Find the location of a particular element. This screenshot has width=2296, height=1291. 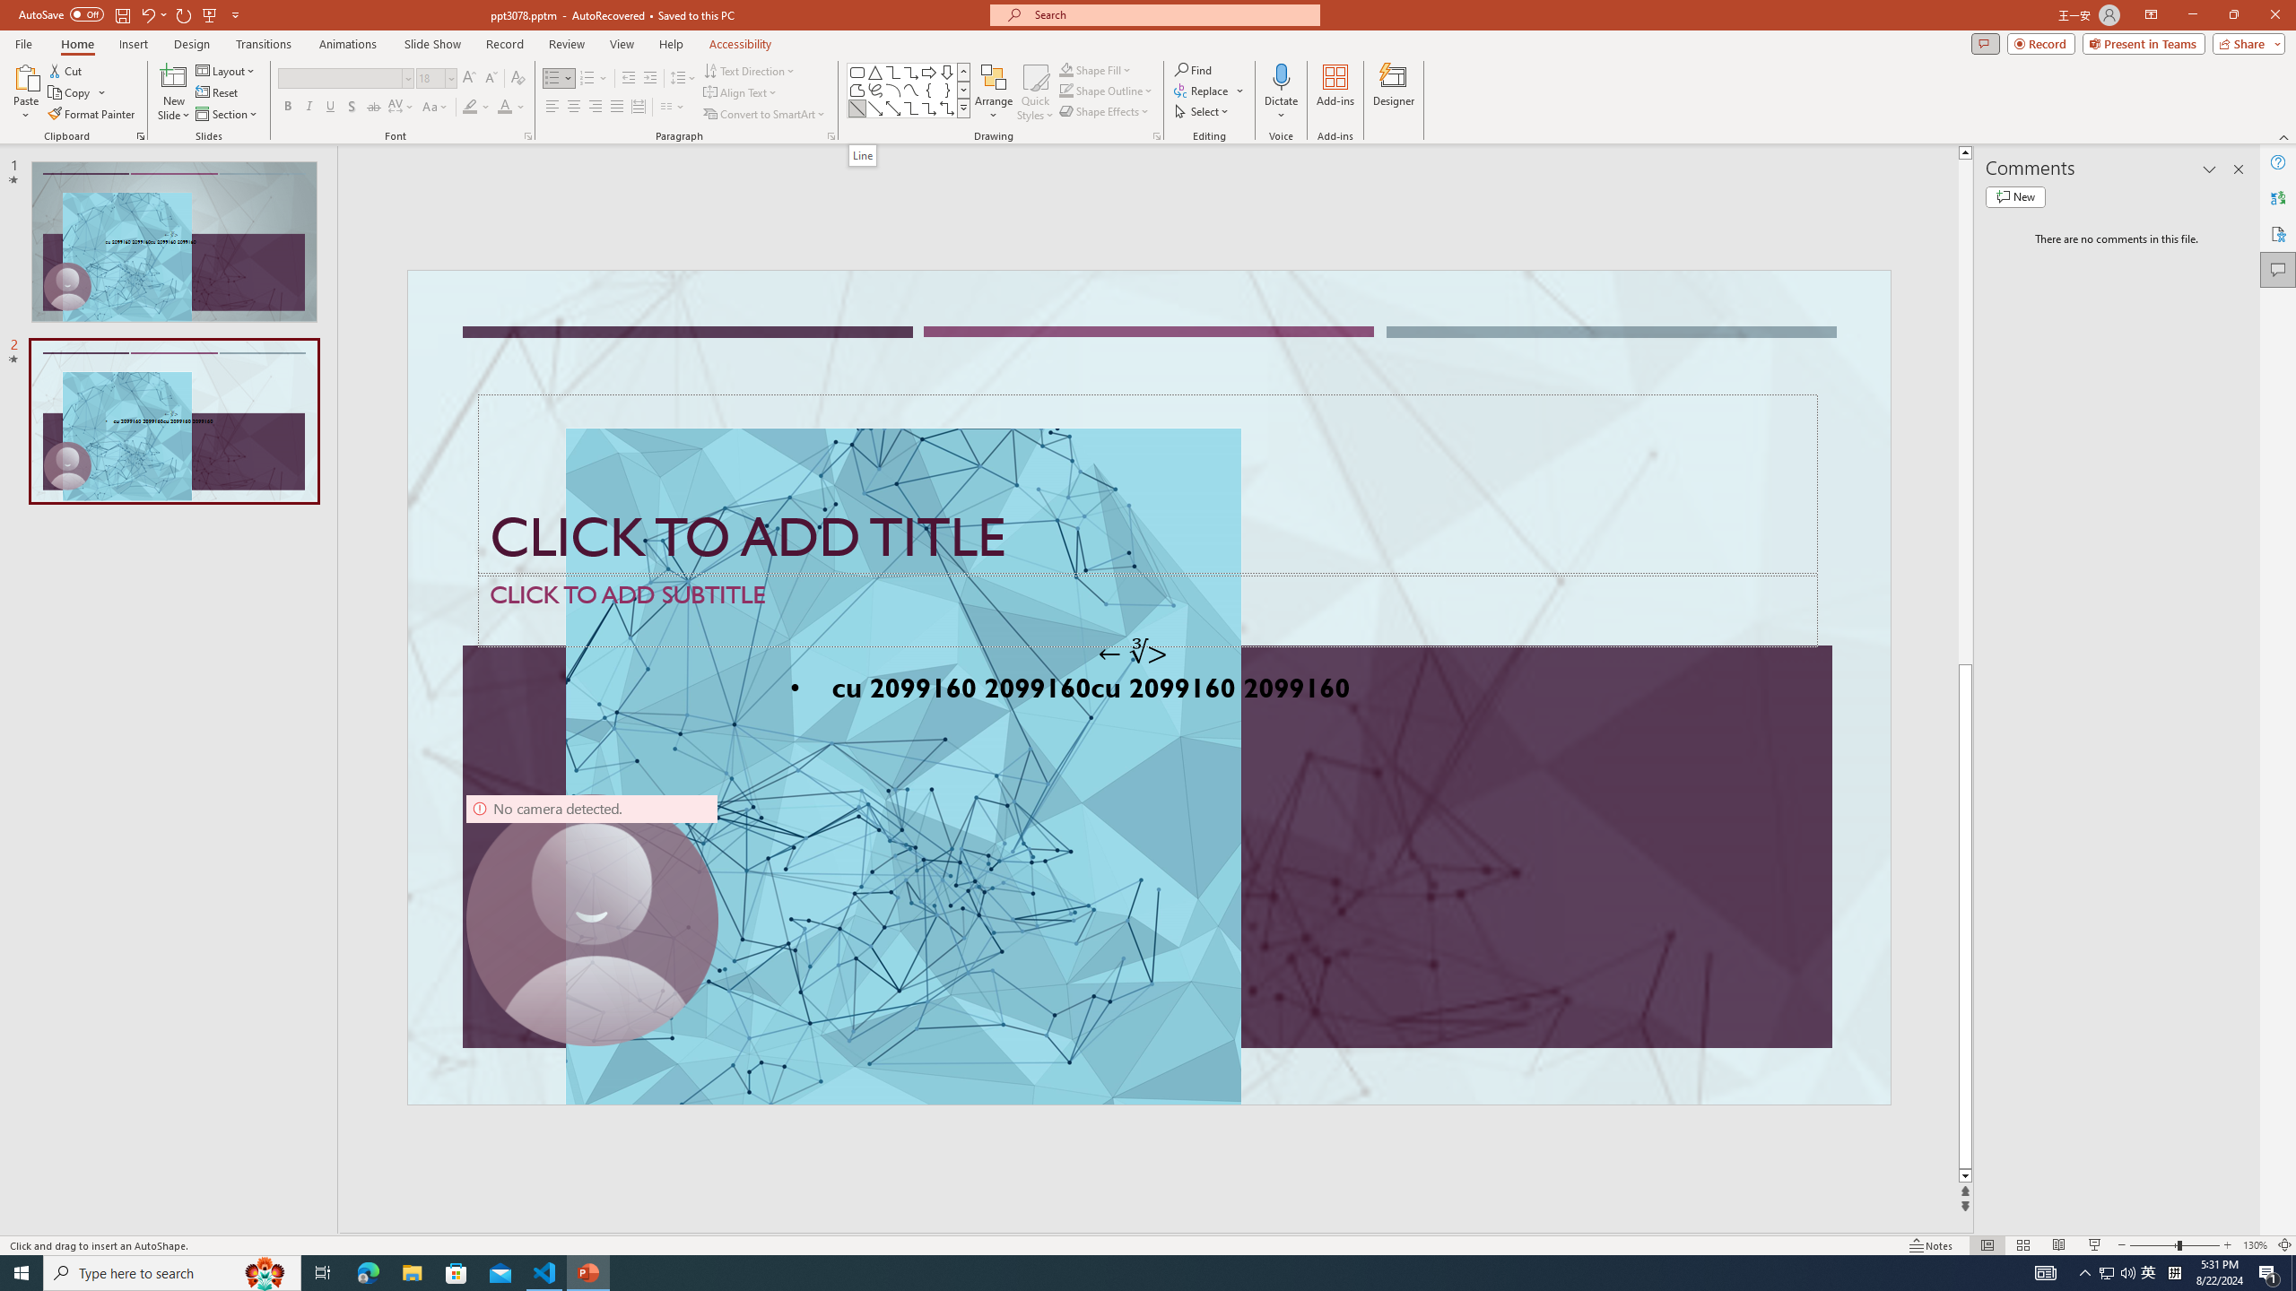

'Align Text' is located at coordinates (741, 92).